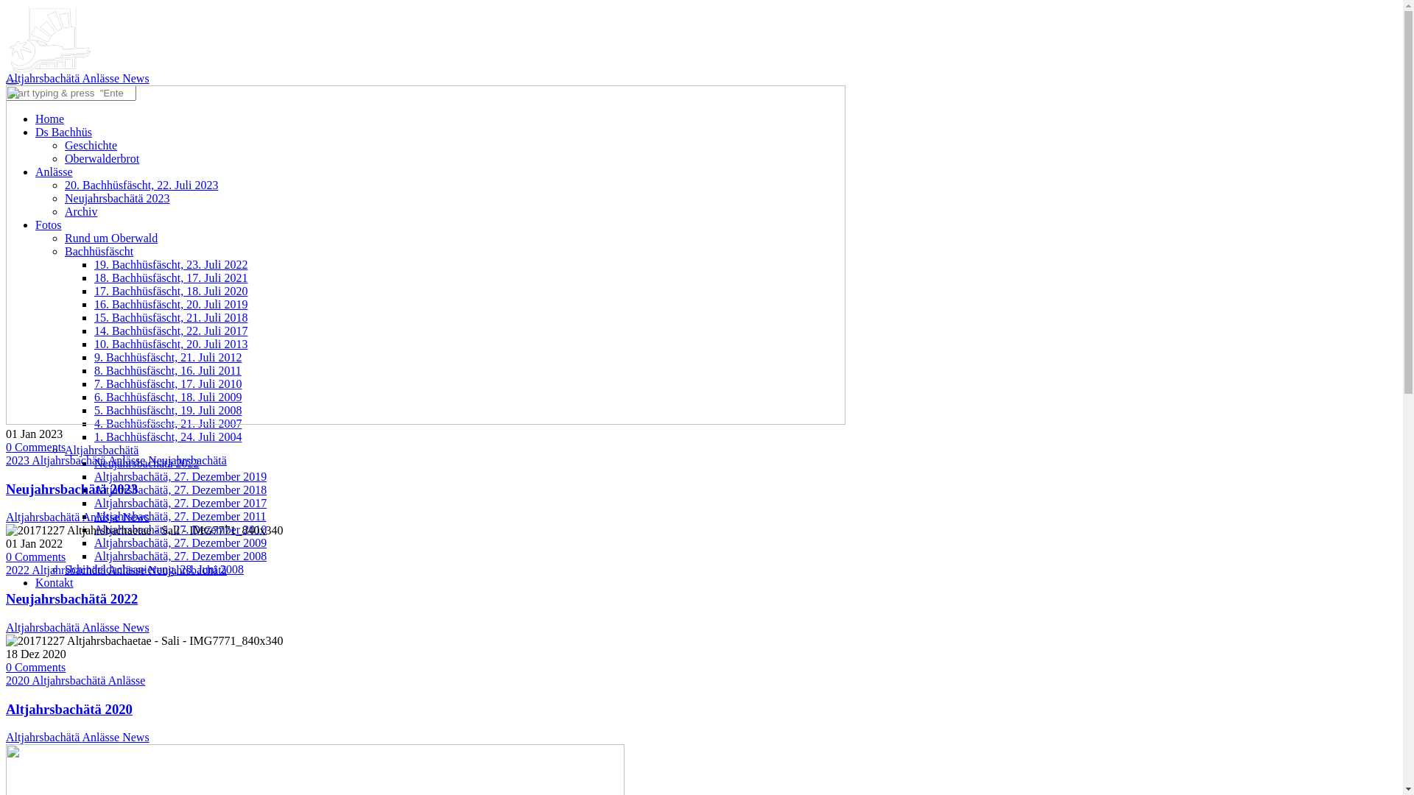 This screenshot has height=795, width=1414. What do you see at coordinates (35, 556) in the screenshot?
I see `'0 Comments'` at bounding box center [35, 556].